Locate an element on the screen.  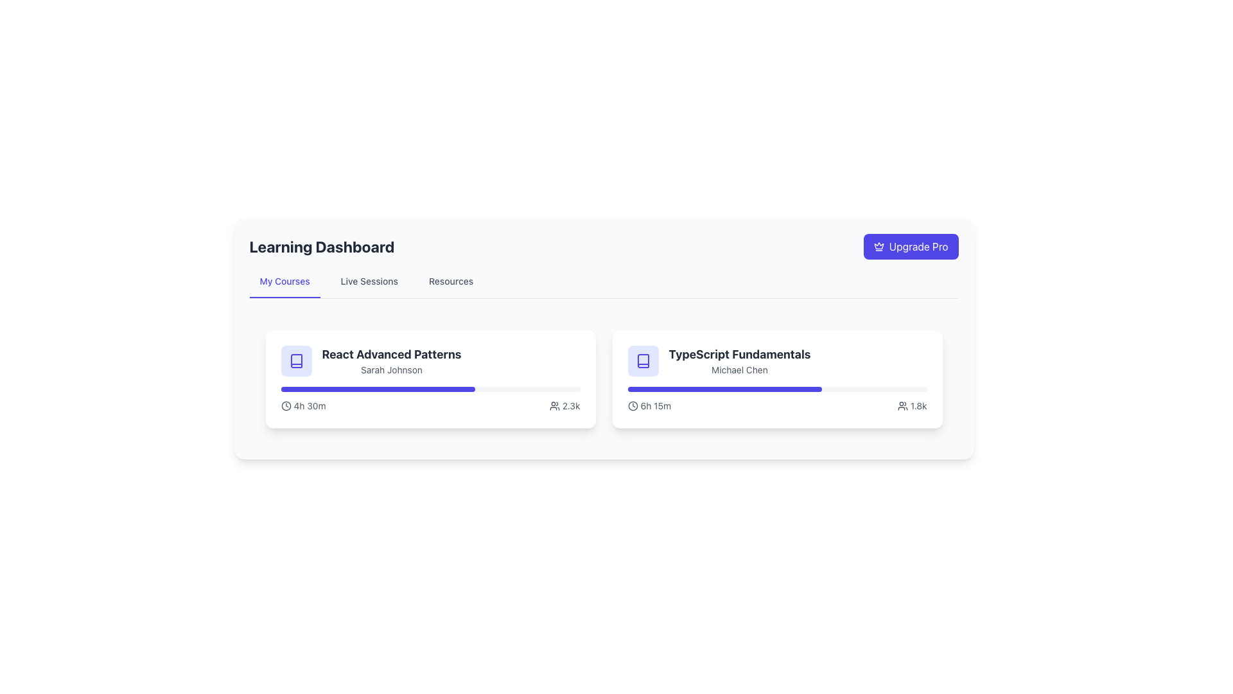
on the text display component titled 'TypeScript Fundamentals' is located at coordinates (776, 361).